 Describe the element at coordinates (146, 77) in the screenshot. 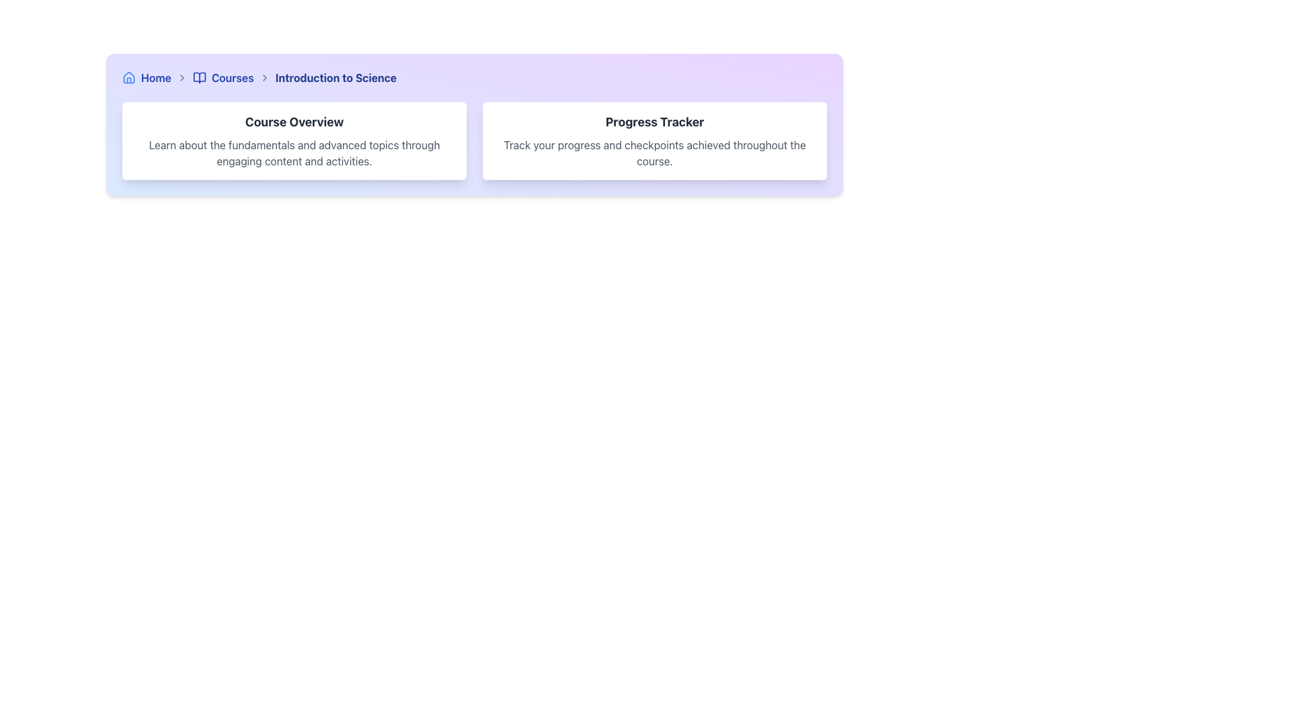

I see `the first breadcrumb link in the navigation bar` at that location.